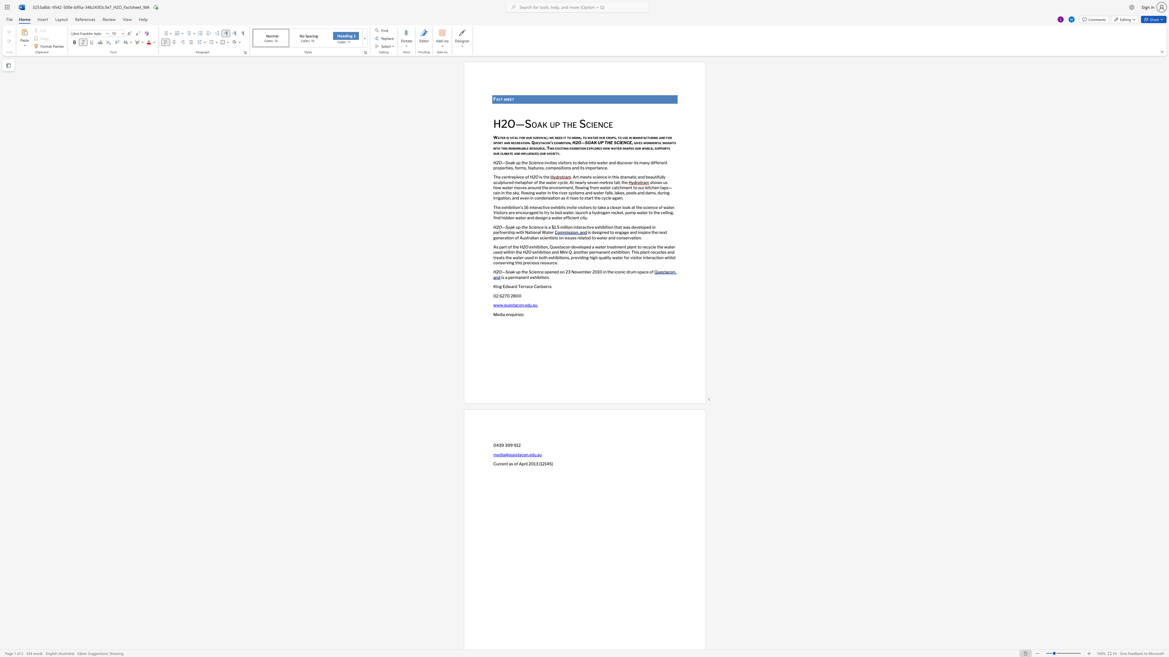  Describe the element at coordinates (534, 277) in the screenshot. I see `the space between the continuous character "x" and "h" in the text` at that location.